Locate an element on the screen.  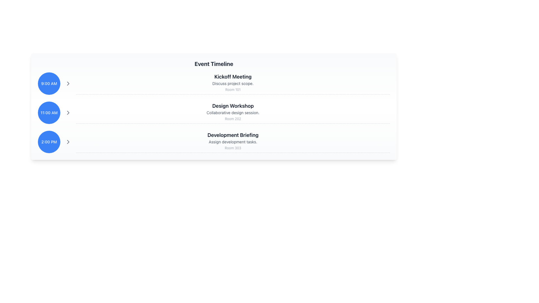
the Text Label that reads 'Discuss project scope.' which is positioned below the heading 'Kickoff Meeting' and above 'Room 101.' is located at coordinates (233, 83).